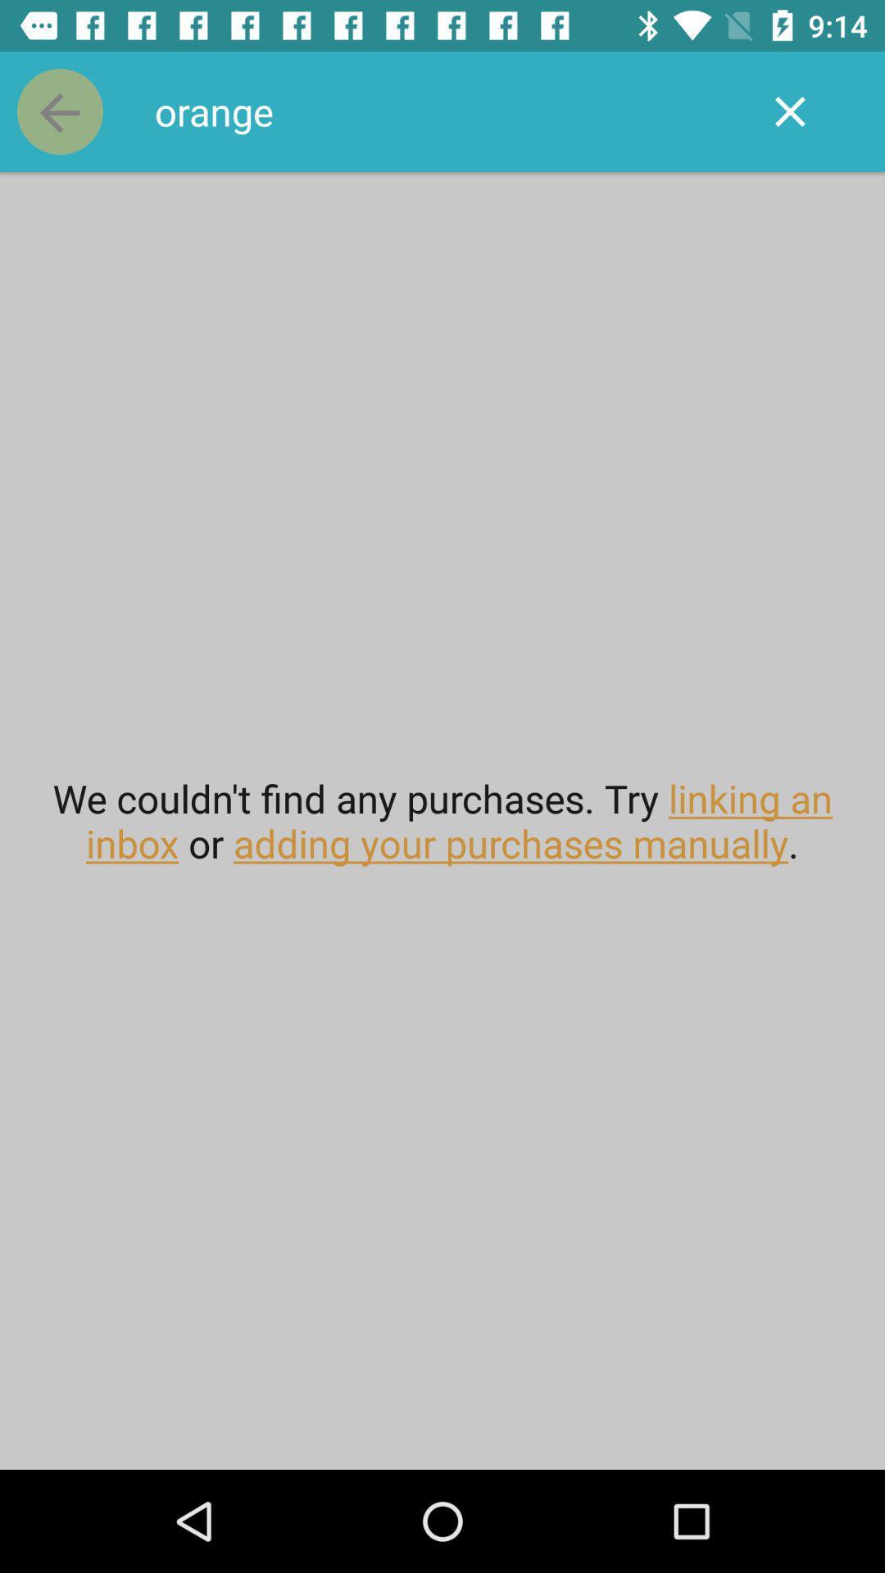 The image size is (885, 1573). Describe the element at coordinates (442, 821) in the screenshot. I see `we couldn t item` at that location.